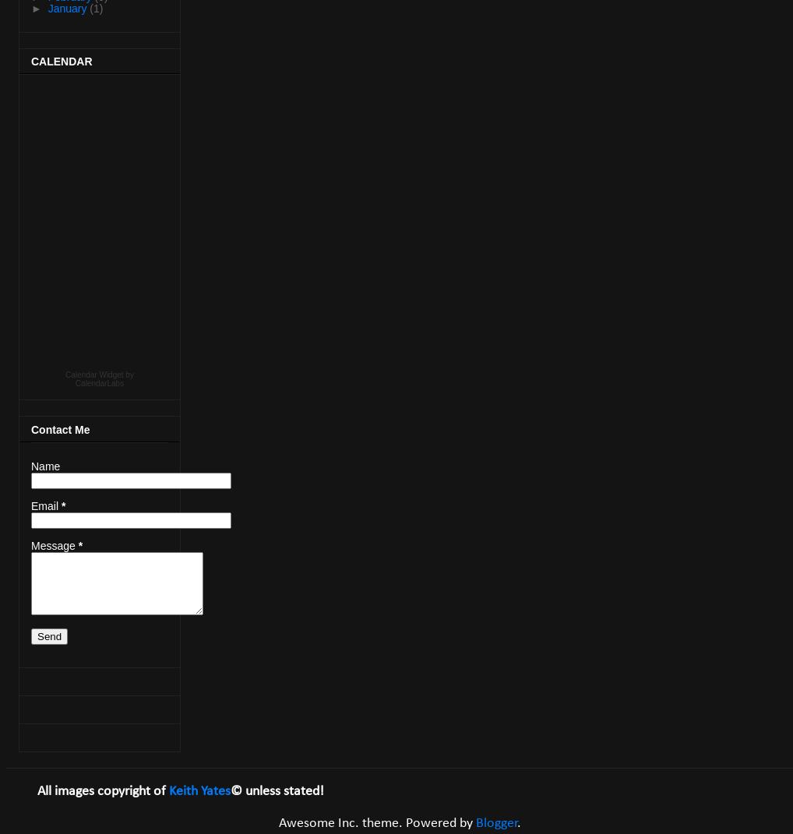 This screenshot has width=793, height=834. I want to click on 'Message', so click(55, 545).